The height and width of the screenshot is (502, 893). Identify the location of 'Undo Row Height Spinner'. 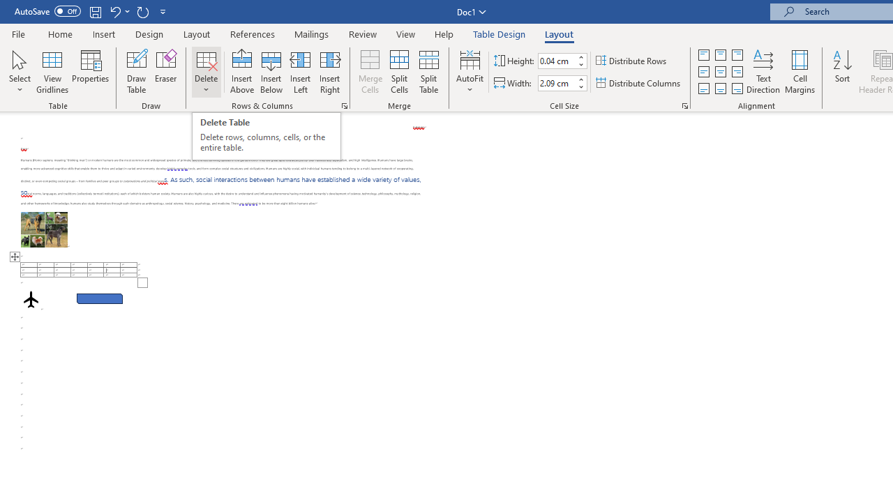
(119, 11).